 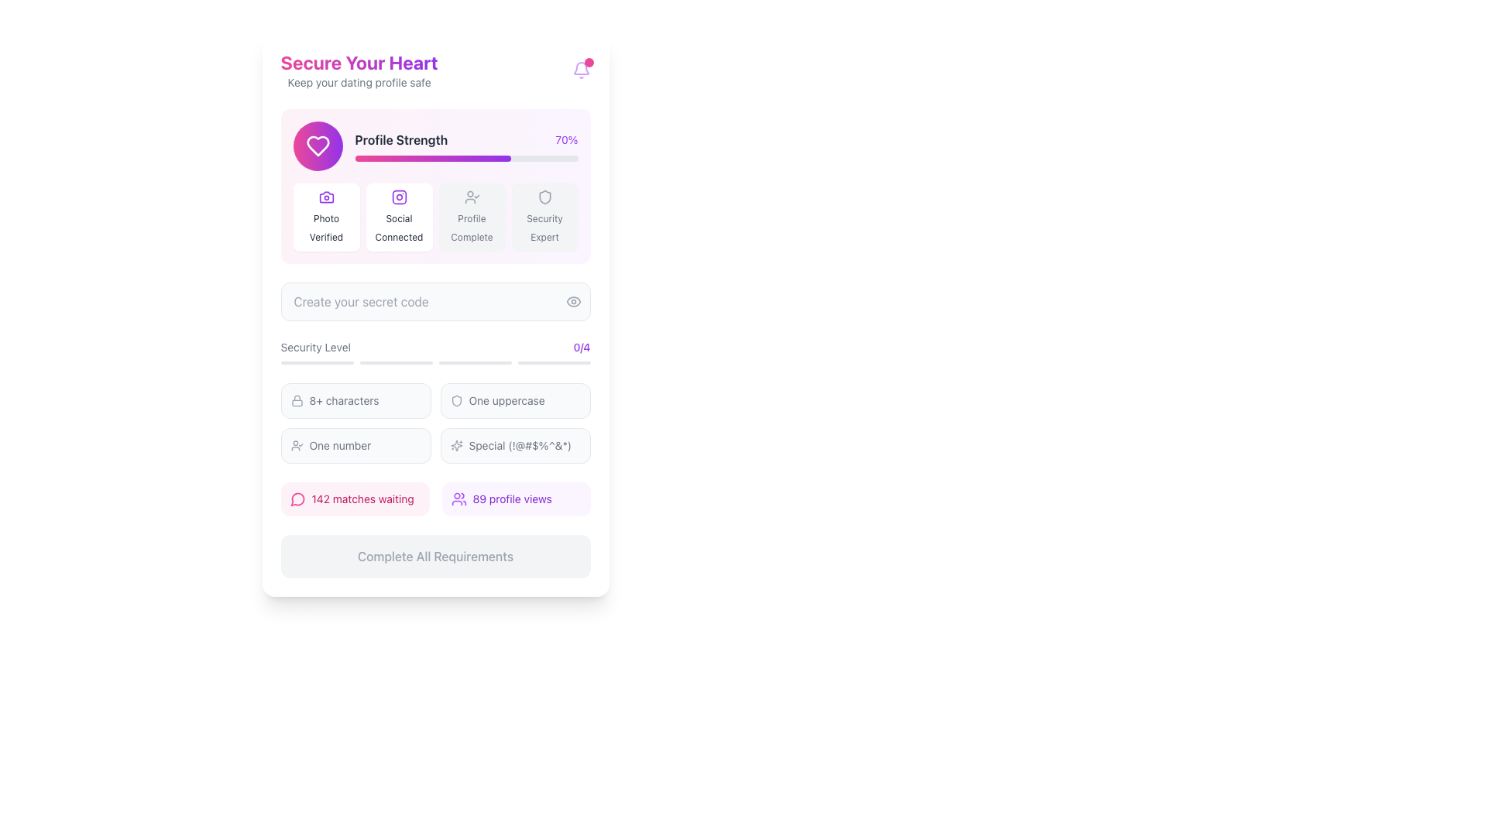 I want to click on the gray lock icon located to the left of the '8+ characters' text in the instructional list for security requirements, so click(x=297, y=399).